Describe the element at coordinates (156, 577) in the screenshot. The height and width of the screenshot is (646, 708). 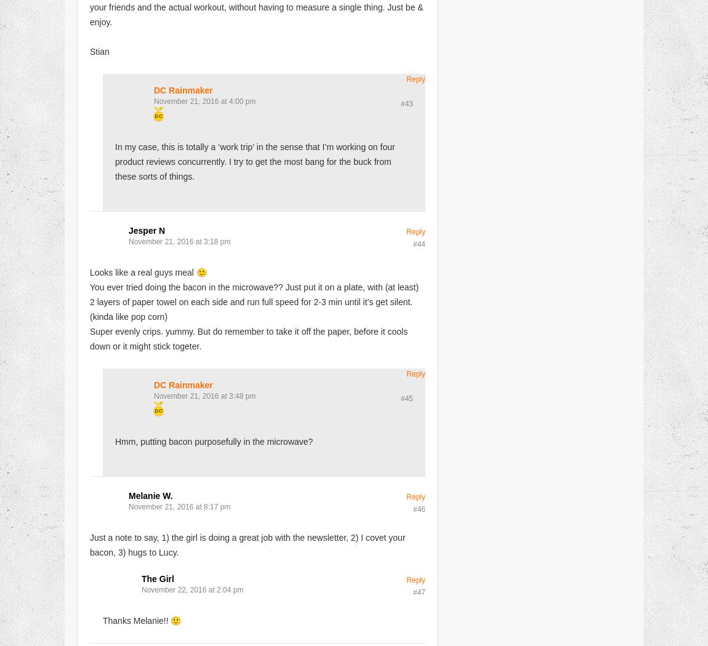
I see `'The Girl'` at that location.